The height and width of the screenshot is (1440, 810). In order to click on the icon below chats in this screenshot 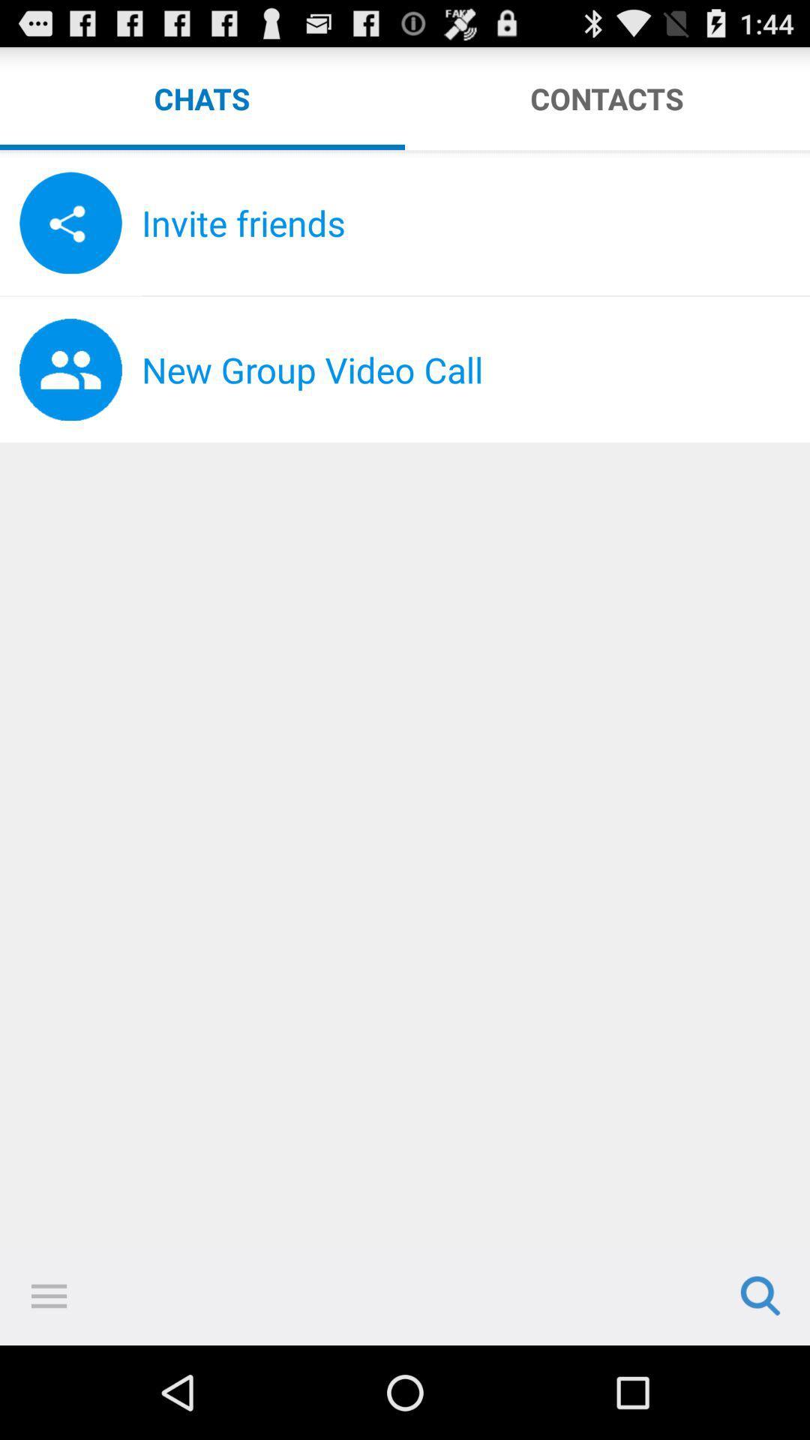, I will do `click(405, 154)`.